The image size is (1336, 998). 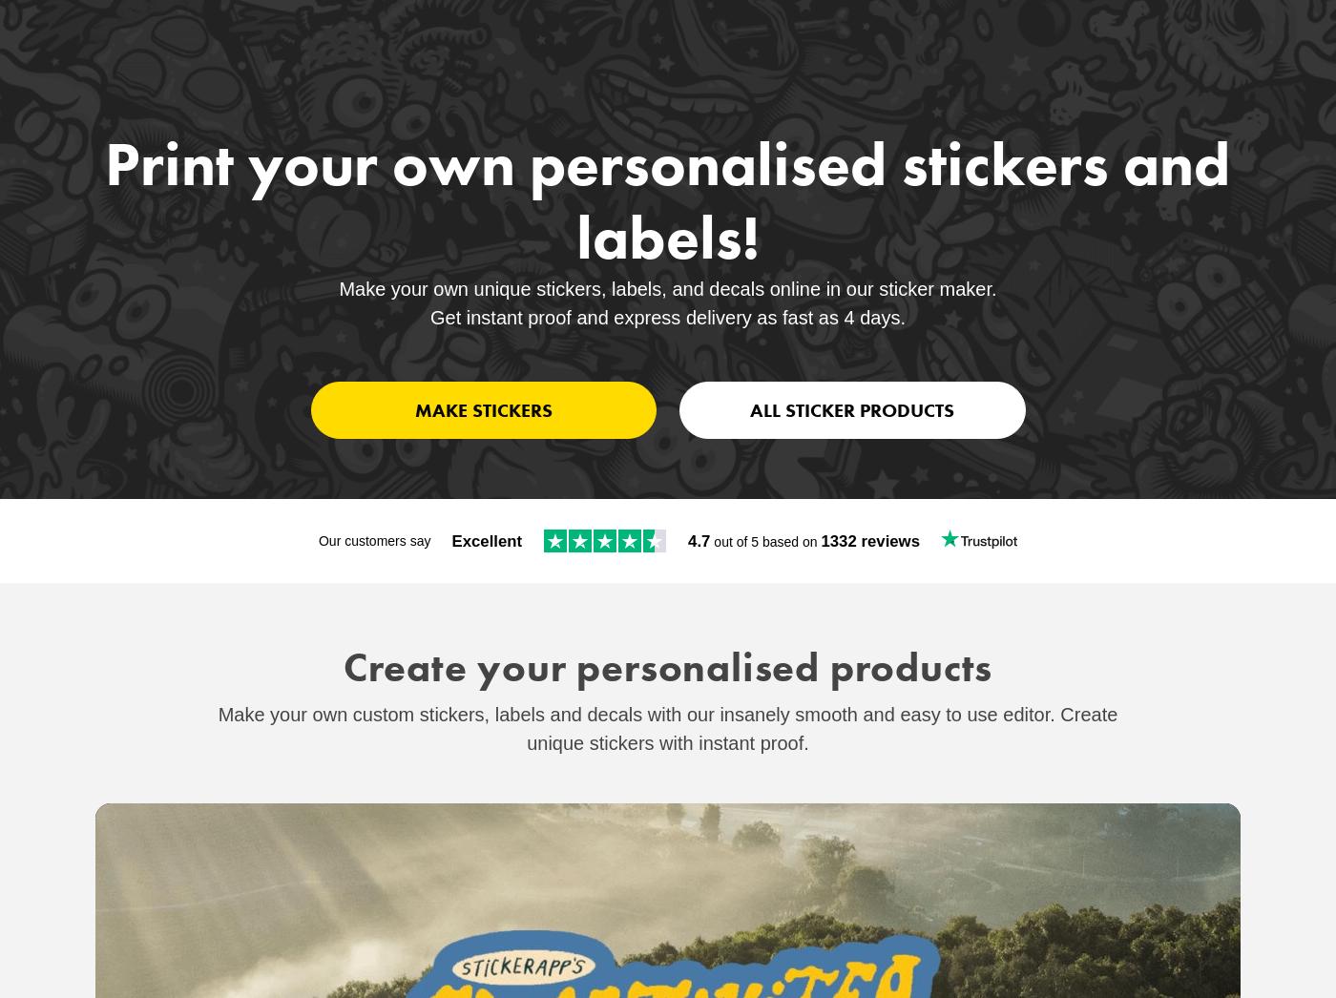 I want to click on 'Sticker Support', so click(x=950, y=46).